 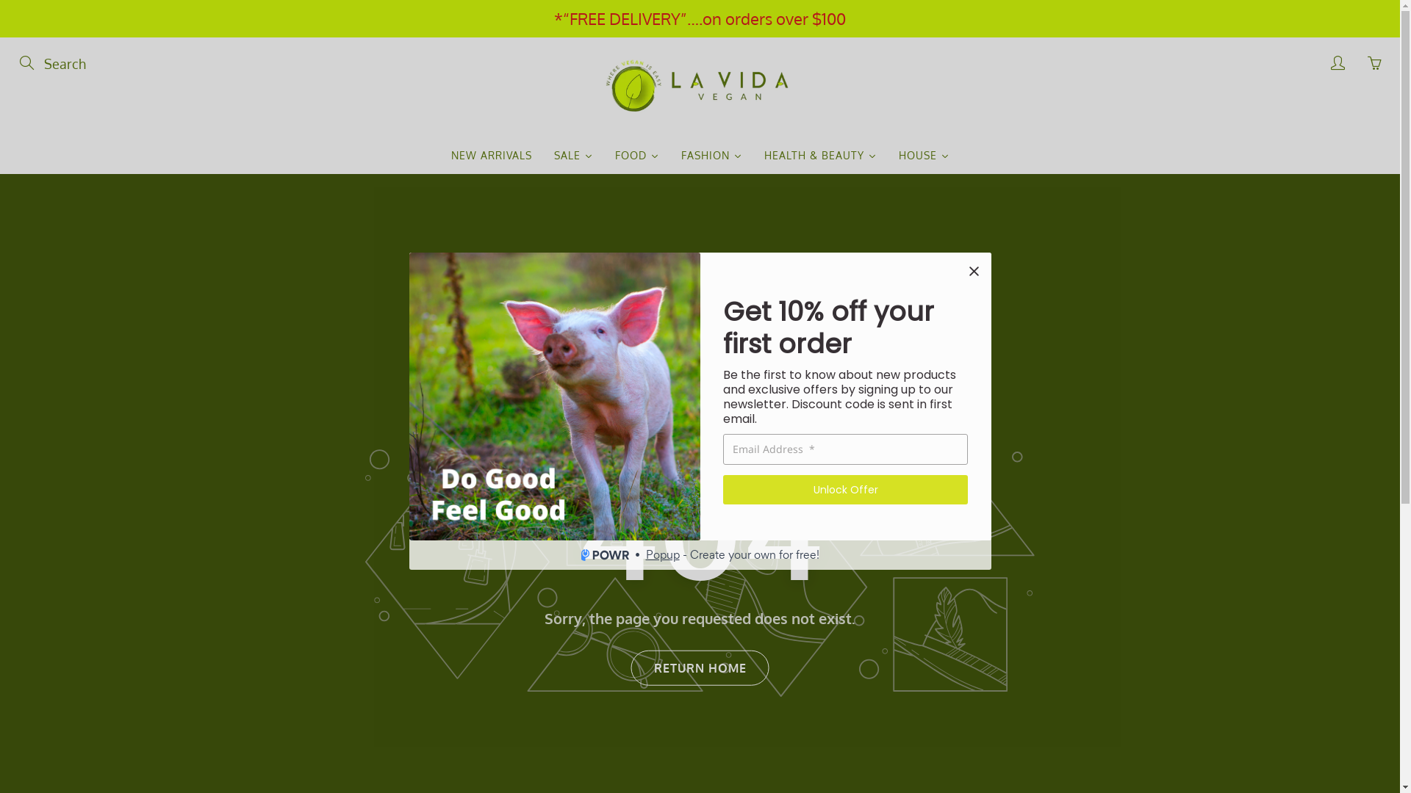 What do you see at coordinates (27, 62) in the screenshot?
I see `'Search'` at bounding box center [27, 62].